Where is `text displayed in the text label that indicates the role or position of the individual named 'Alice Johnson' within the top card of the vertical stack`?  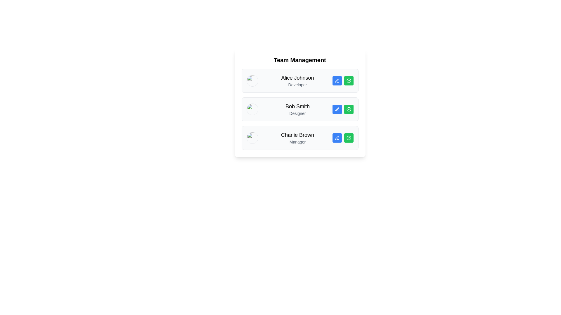
text displayed in the text label that indicates the role or position of the individual named 'Alice Johnson' within the top card of the vertical stack is located at coordinates (297, 85).